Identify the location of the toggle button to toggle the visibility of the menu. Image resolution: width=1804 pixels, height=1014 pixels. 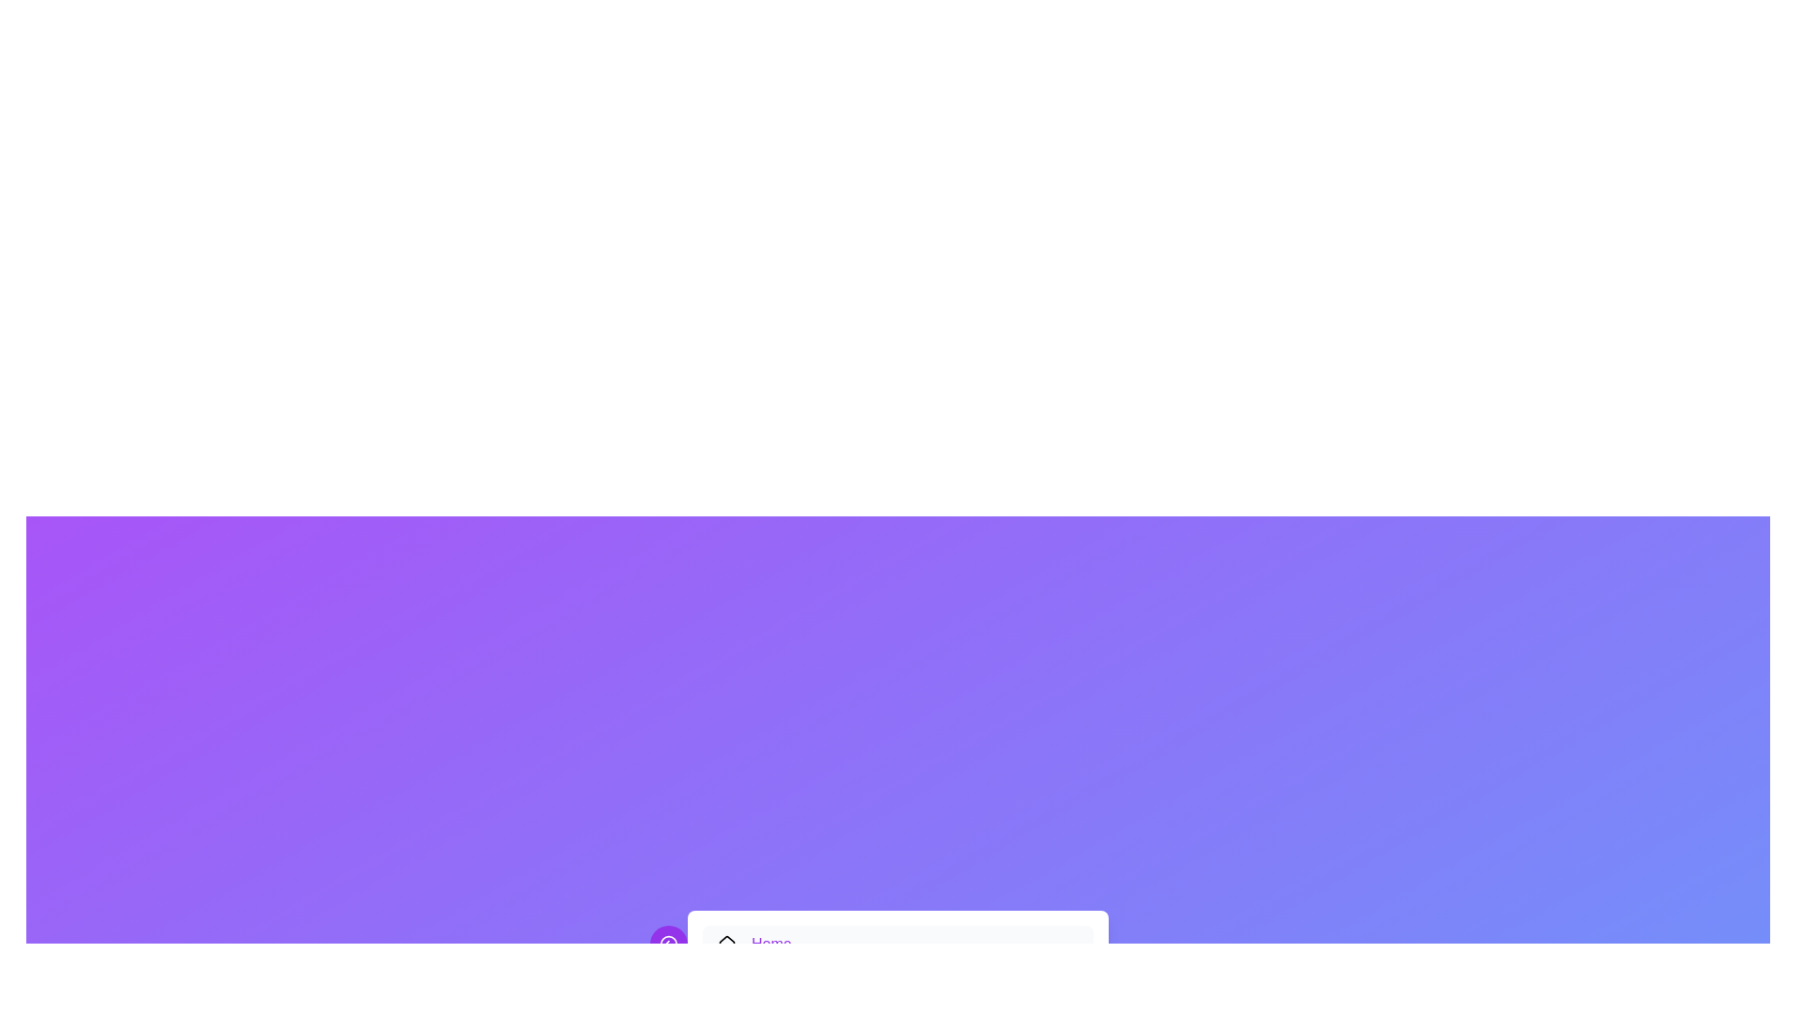
(668, 945).